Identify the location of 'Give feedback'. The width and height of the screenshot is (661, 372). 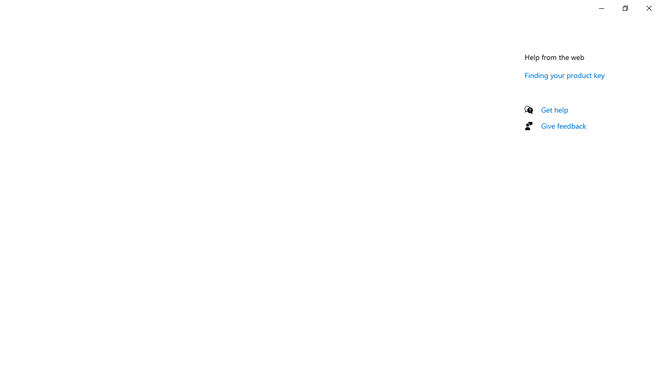
(563, 125).